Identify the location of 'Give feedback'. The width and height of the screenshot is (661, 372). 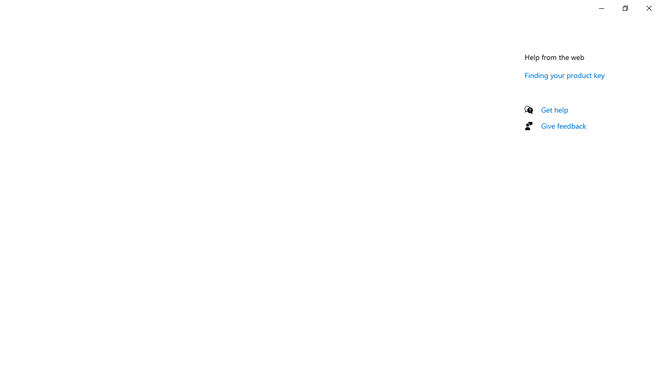
(563, 125).